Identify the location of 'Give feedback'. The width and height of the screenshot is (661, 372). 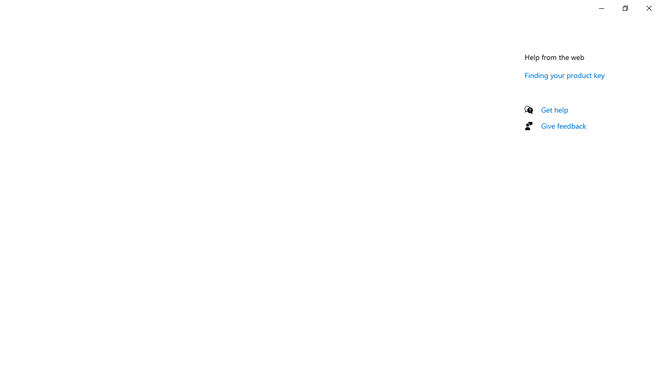
(563, 125).